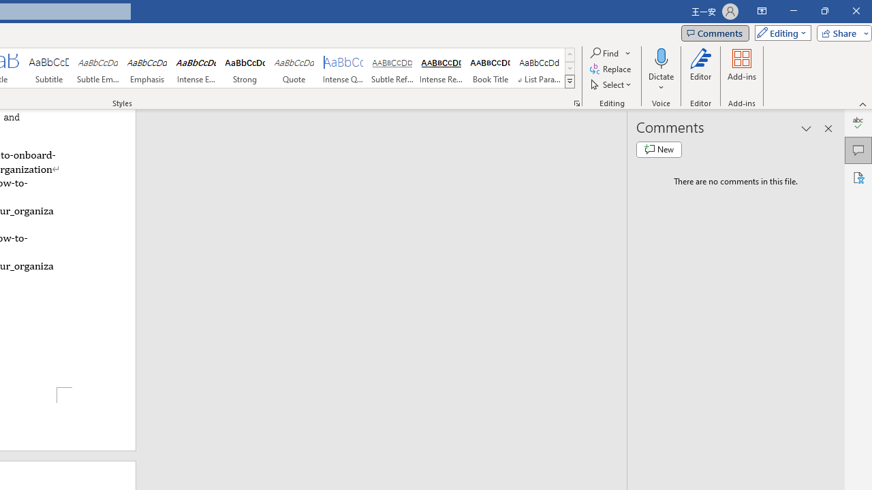  Describe the element at coordinates (661, 57) in the screenshot. I see `'Dictate'` at that location.